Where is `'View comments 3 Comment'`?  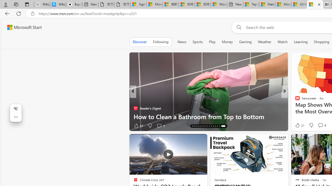 'View comments 3 Comment' is located at coordinates (320, 126).